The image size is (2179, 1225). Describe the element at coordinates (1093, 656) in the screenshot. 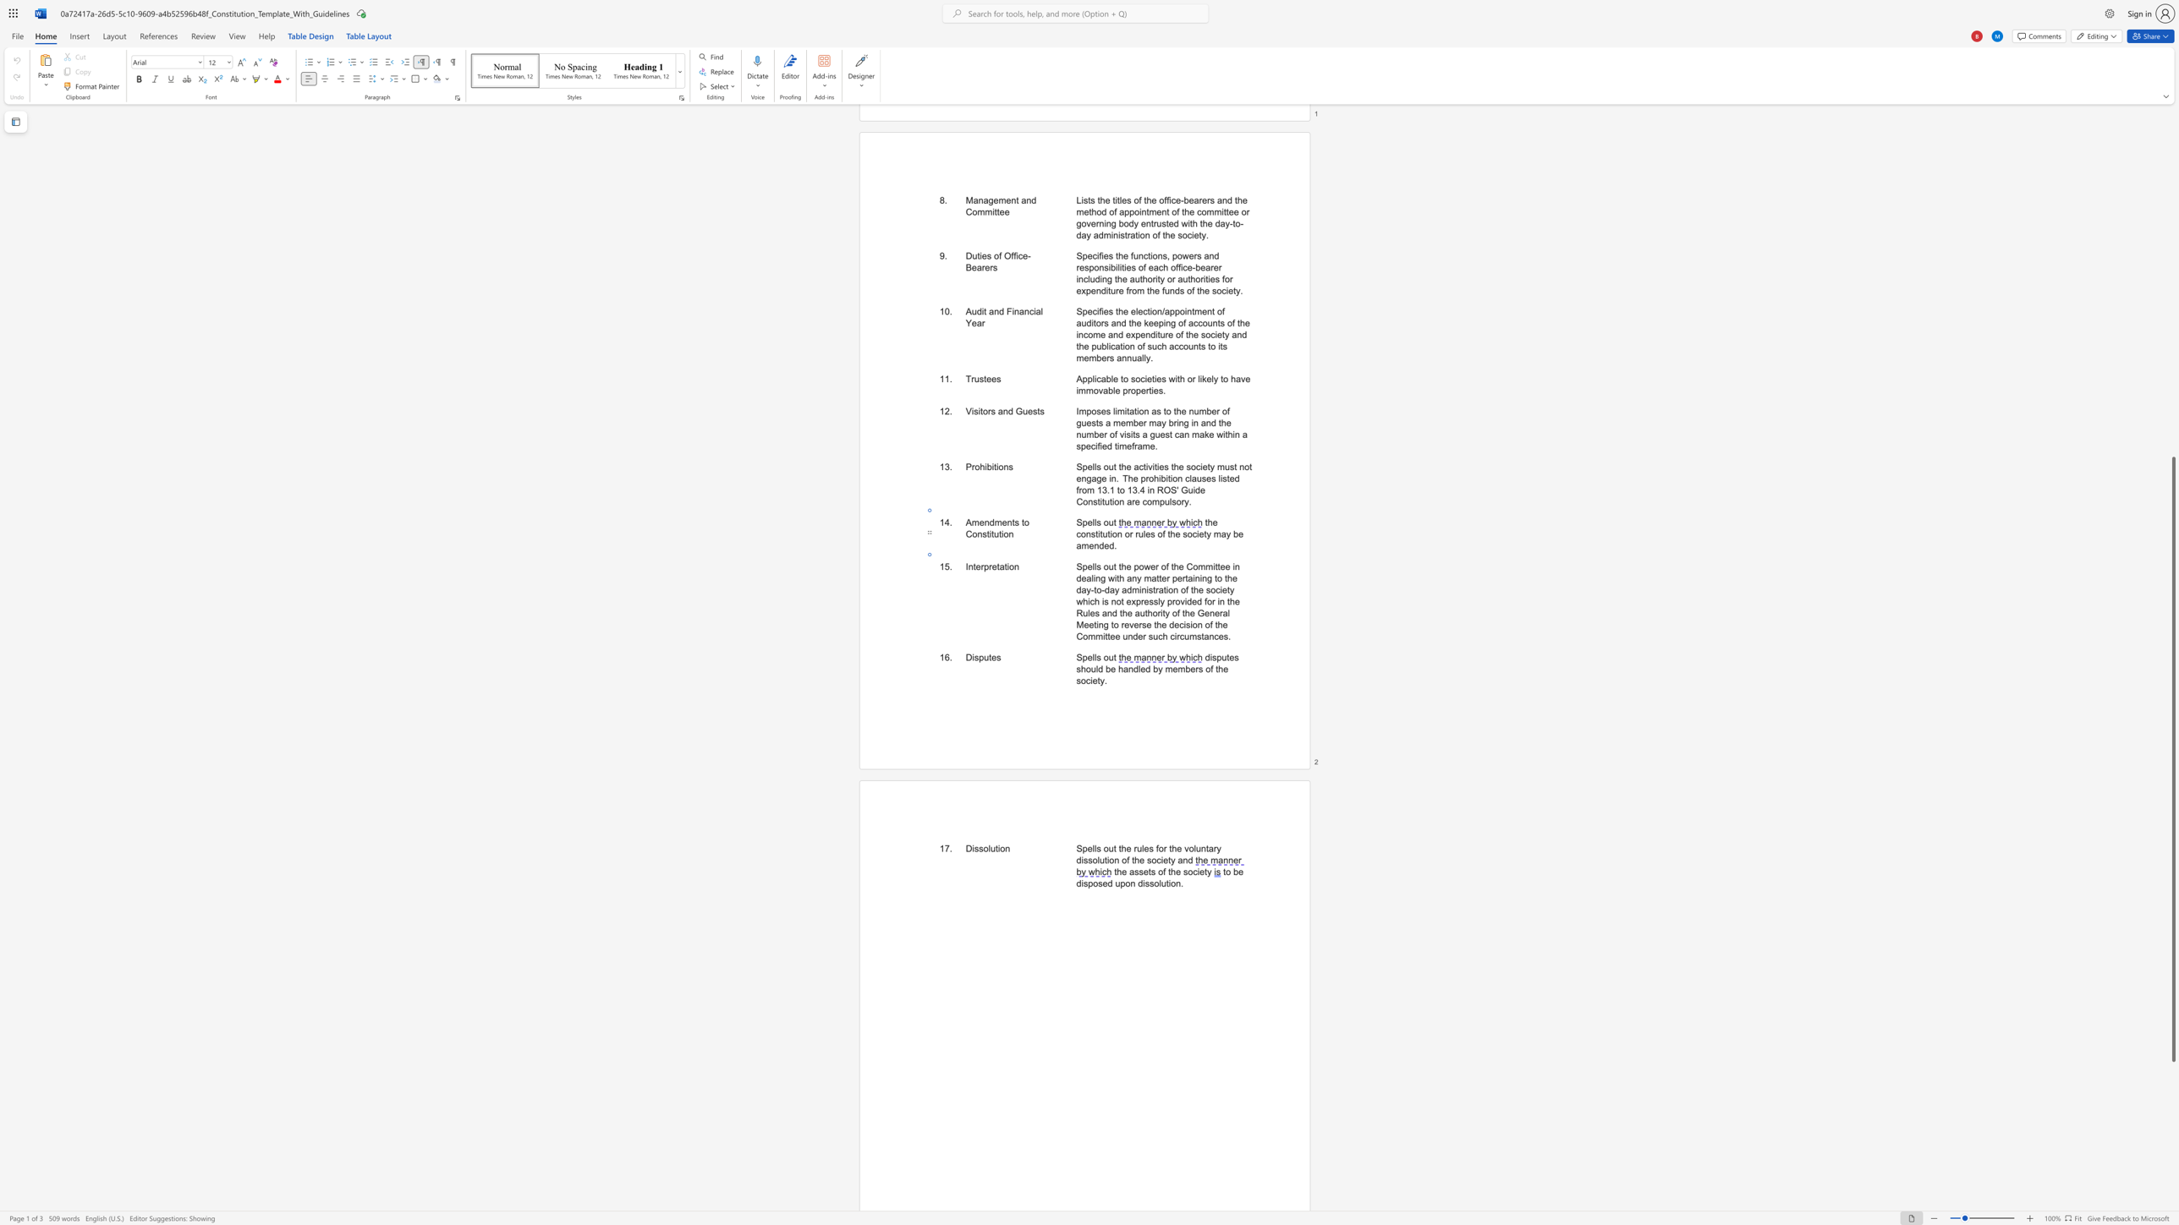

I see `the 1th character "l" in the text` at that location.